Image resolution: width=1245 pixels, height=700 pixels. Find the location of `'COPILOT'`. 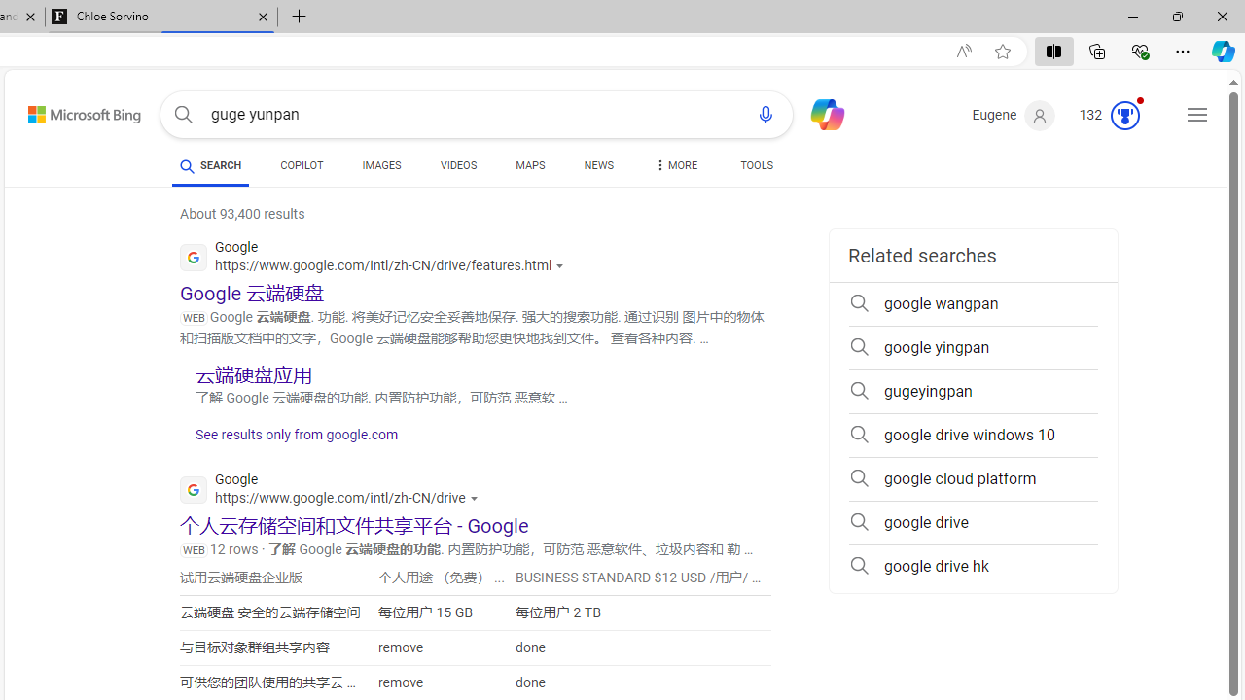

'COPILOT' is located at coordinates (301, 165).